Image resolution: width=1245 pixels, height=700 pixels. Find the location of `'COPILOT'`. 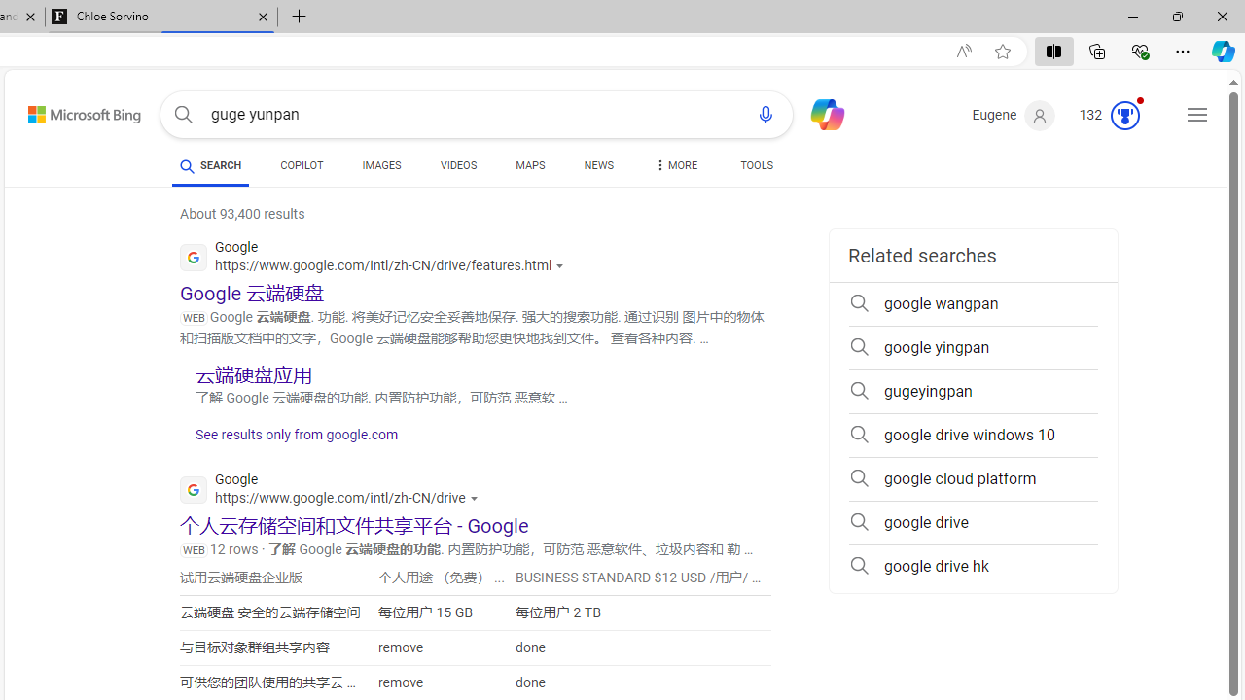

'COPILOT' is located at coordinates (301, 165).